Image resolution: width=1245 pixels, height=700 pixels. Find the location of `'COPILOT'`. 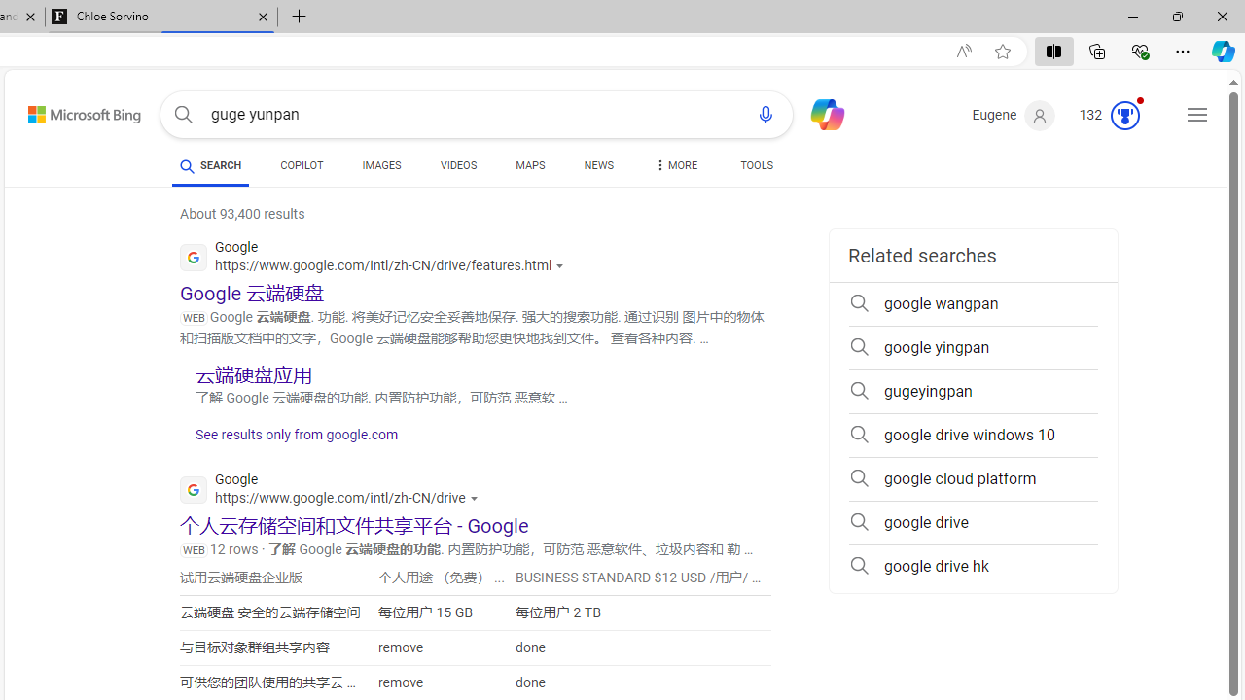

'COPILOT' is located at coordinates (301, 165).